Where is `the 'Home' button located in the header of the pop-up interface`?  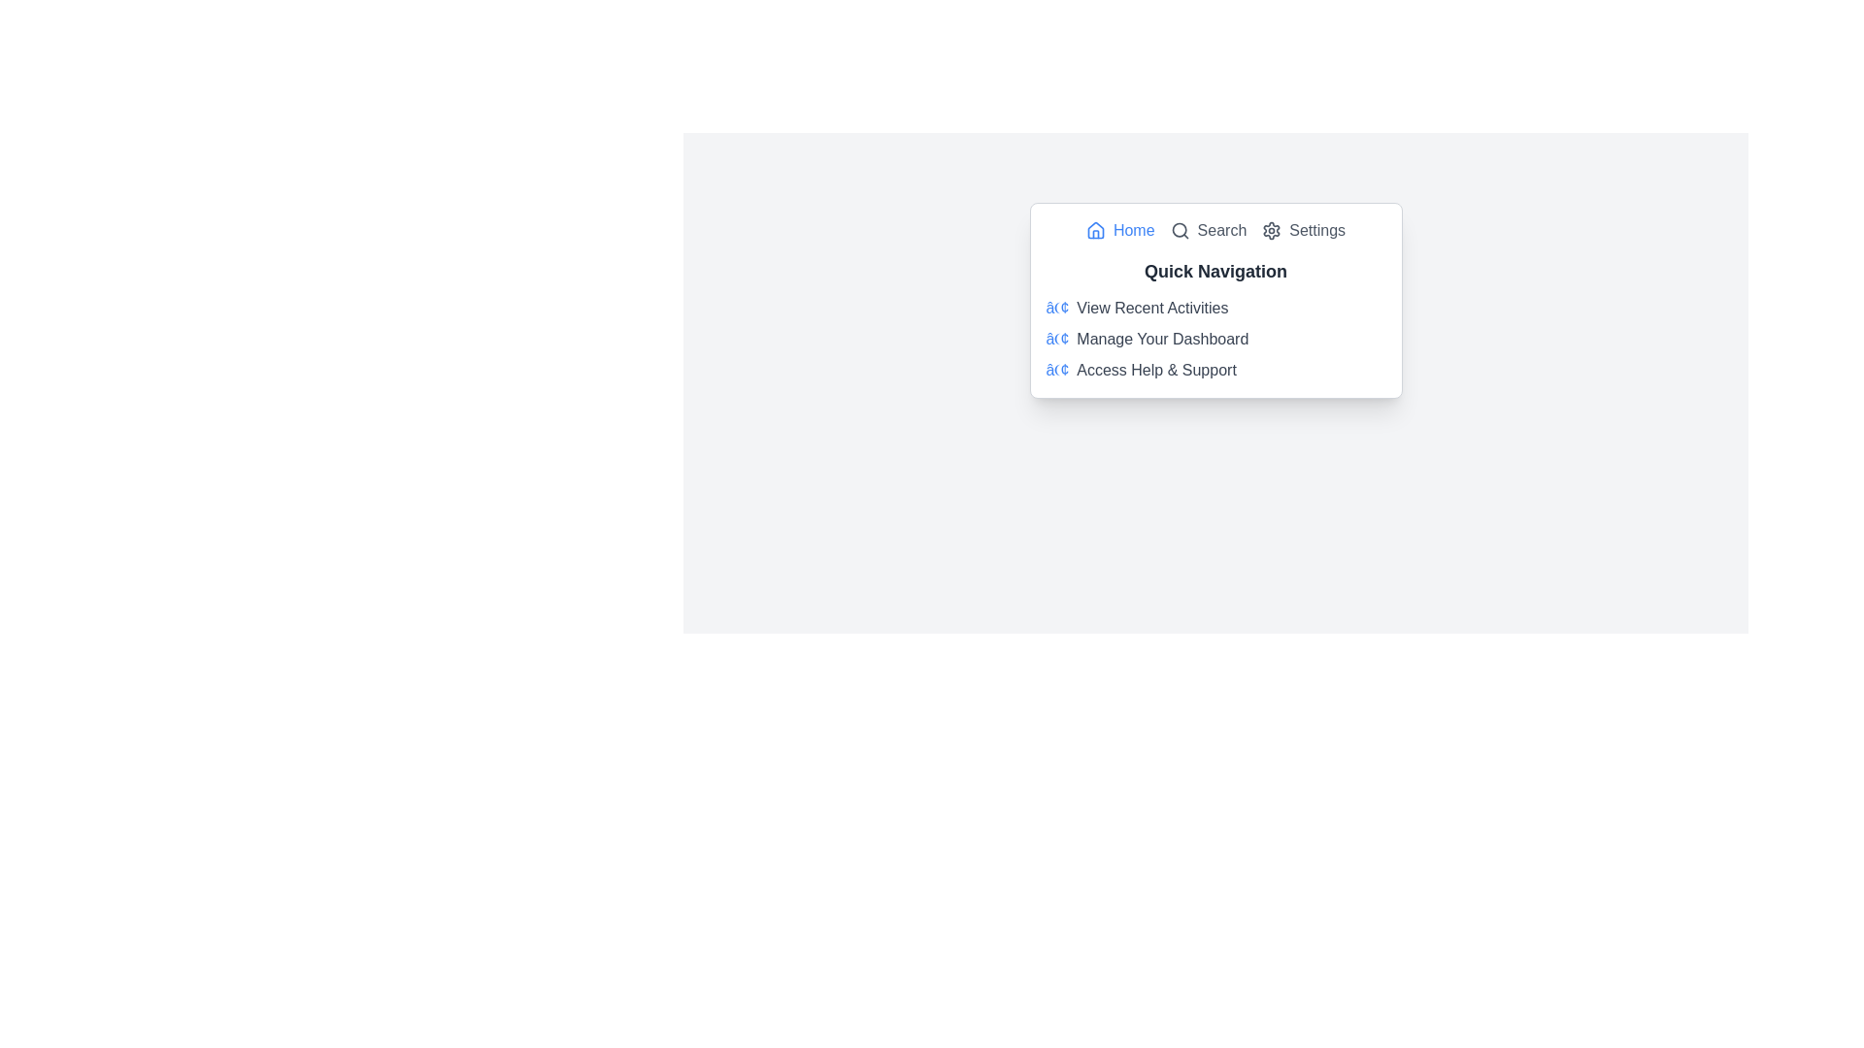
the 'Home' button located in the header of the pop-up interface is located at coordinates (1120, 230).